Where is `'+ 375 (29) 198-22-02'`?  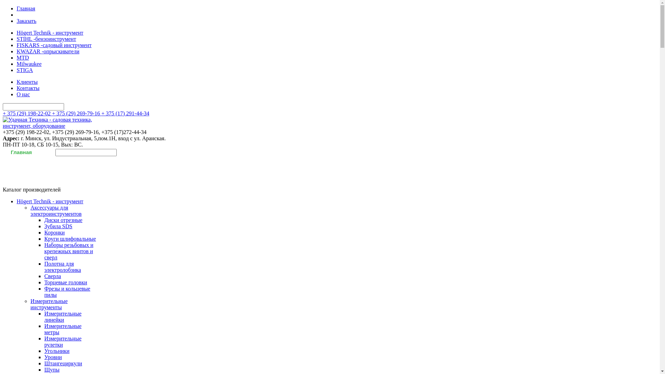 '+ 375 (29) 198-22-02' is located at coordinates (27, 113).